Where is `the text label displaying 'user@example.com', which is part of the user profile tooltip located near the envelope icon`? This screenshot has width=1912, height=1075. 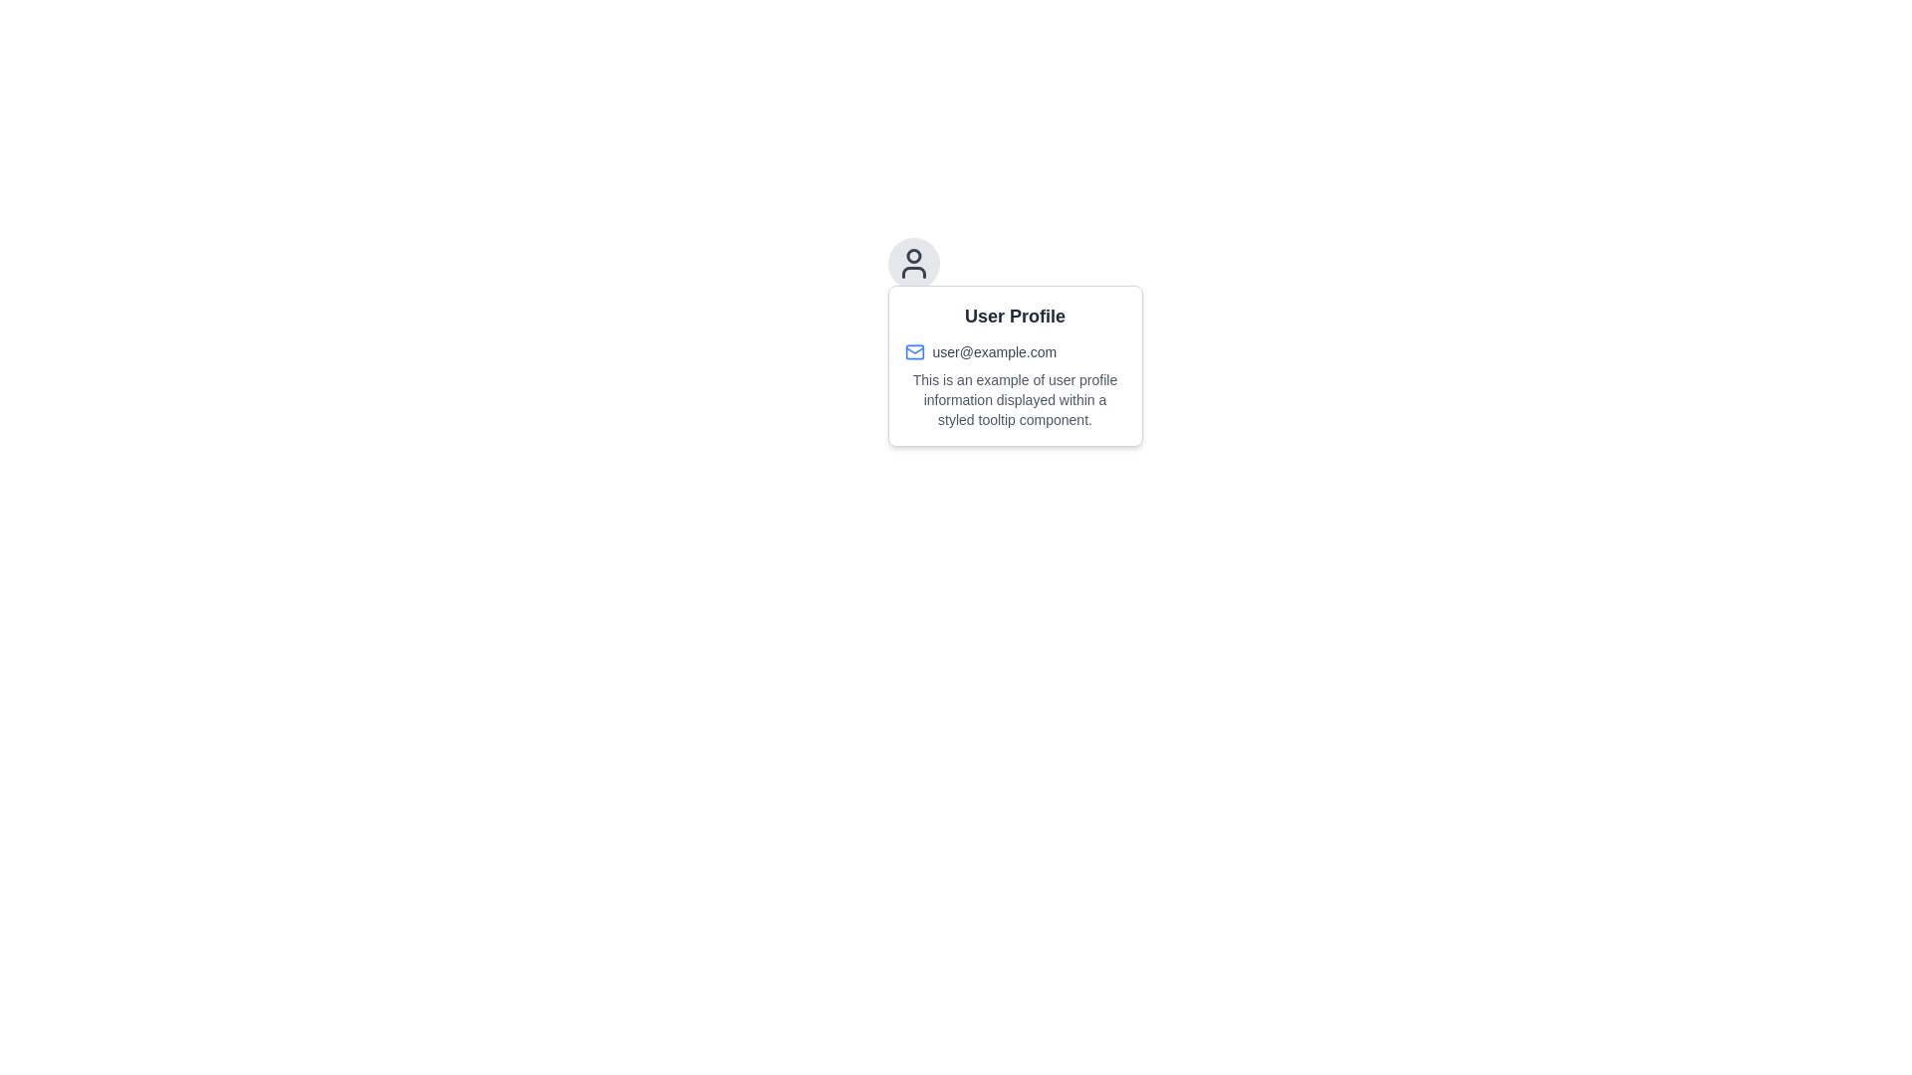
the text label displaying 'user@example.com', which is part of the user profile tooltip located near the envelope icon is located at coordinates (994, 351).